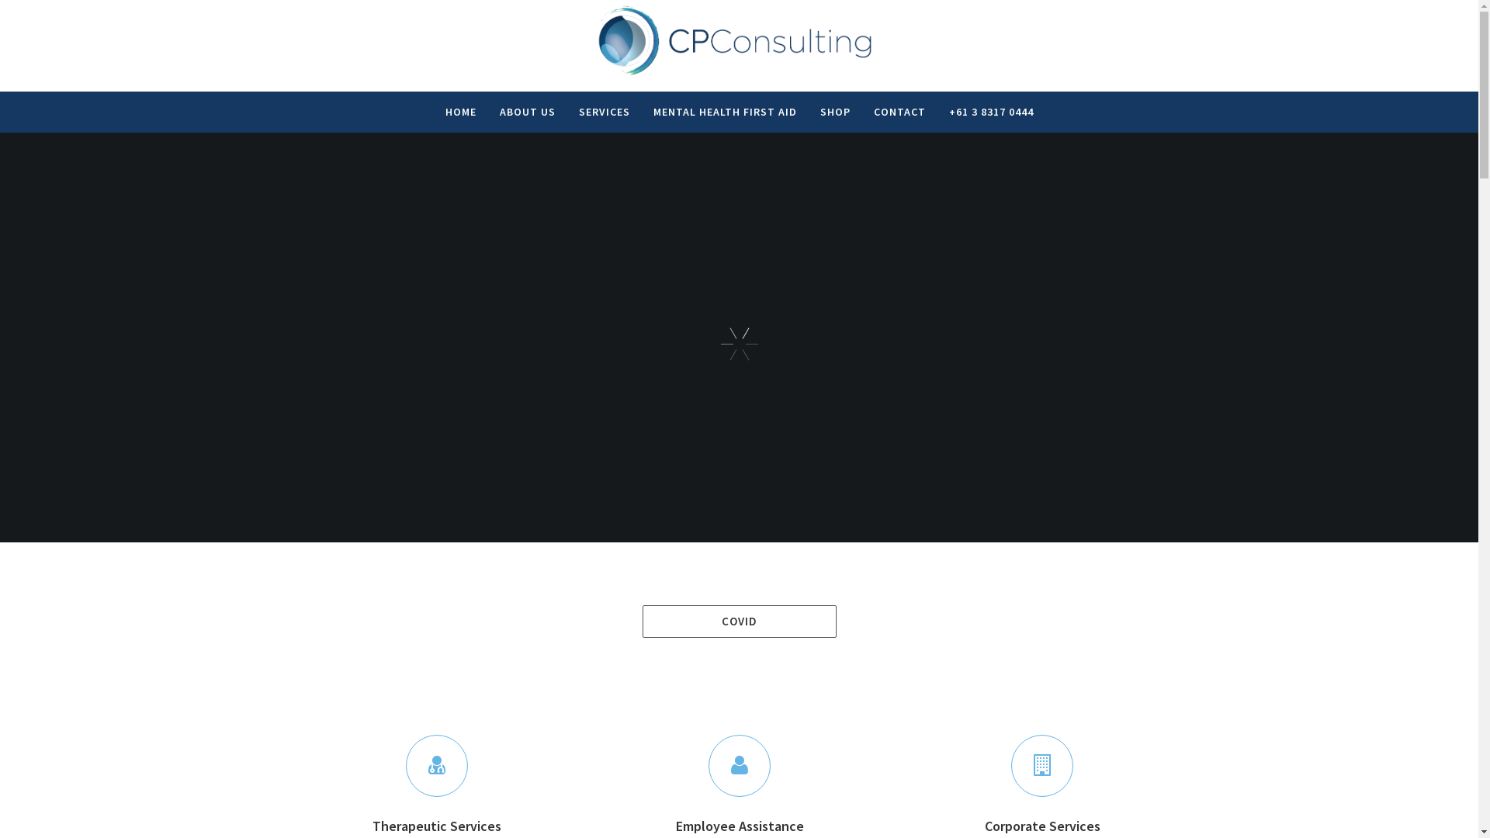 The image size is (1490, 838). What do you see at coordinates (723, 112) in the screenshot?
I see `'MENTAL HEALTH FIRST AID'` at bounding box center [723, 112].